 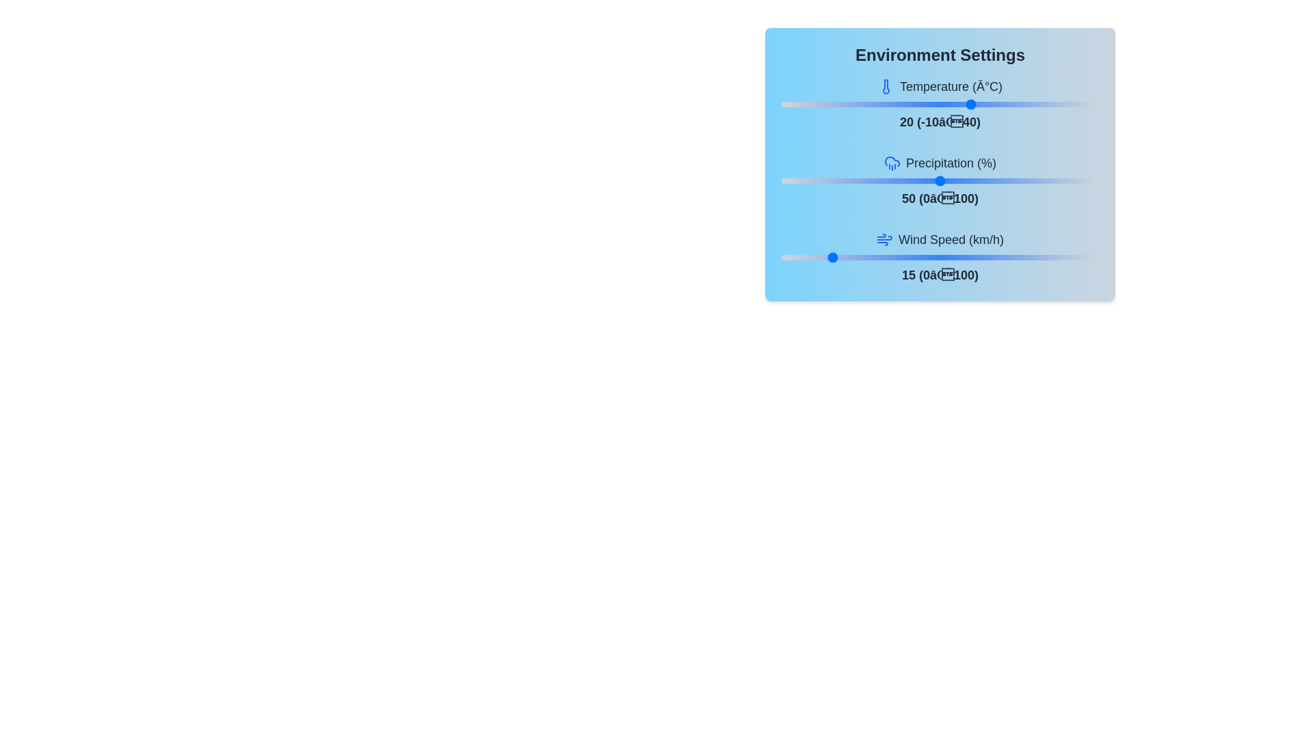 I want to click on the wind speed, so click(x=794, y=258).